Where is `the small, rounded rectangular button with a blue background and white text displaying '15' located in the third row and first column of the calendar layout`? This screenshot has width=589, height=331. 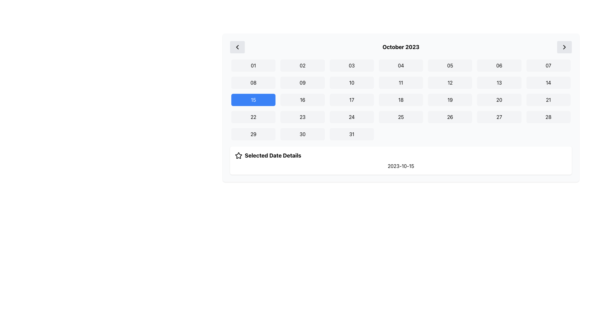 the small, rounded rectangular button with a blue background and white text displaying '15' located in the third row and first column of the calendar layout is located at coordinates (253, 100).